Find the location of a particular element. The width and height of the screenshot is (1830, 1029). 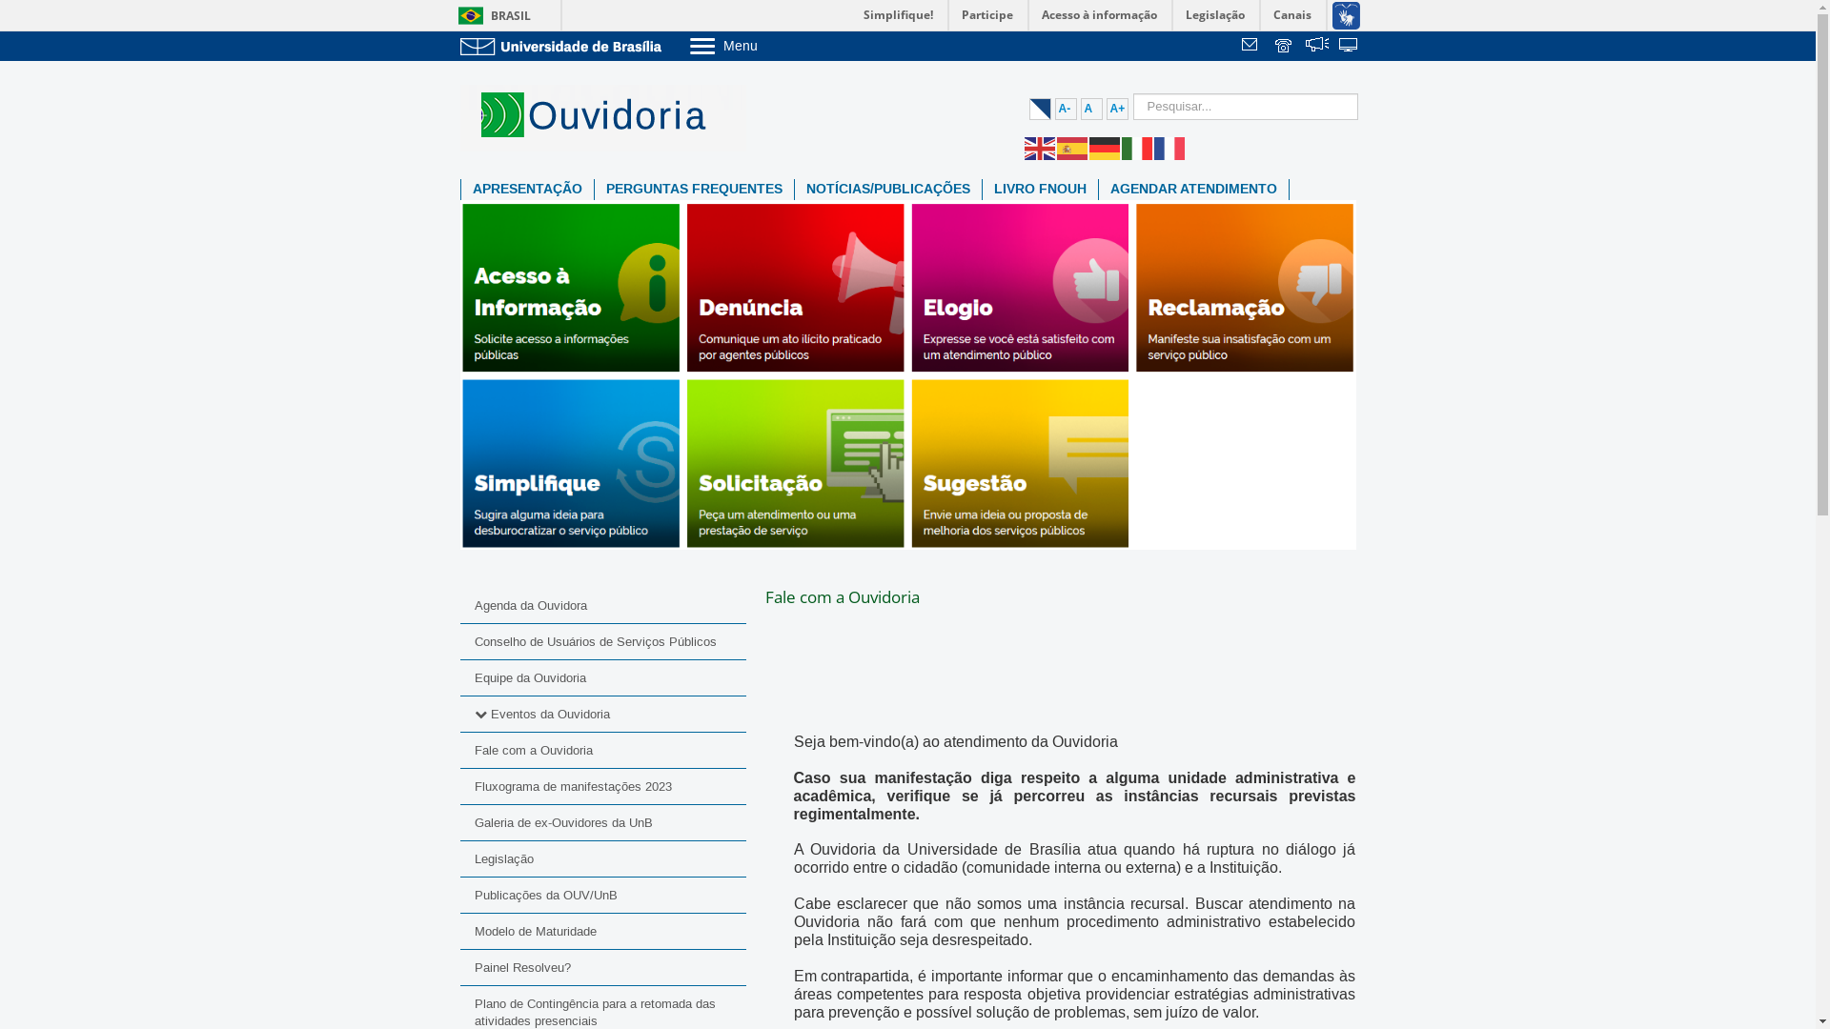

'Fale com a Ouvidoria' is located at coordinates (601, 749).